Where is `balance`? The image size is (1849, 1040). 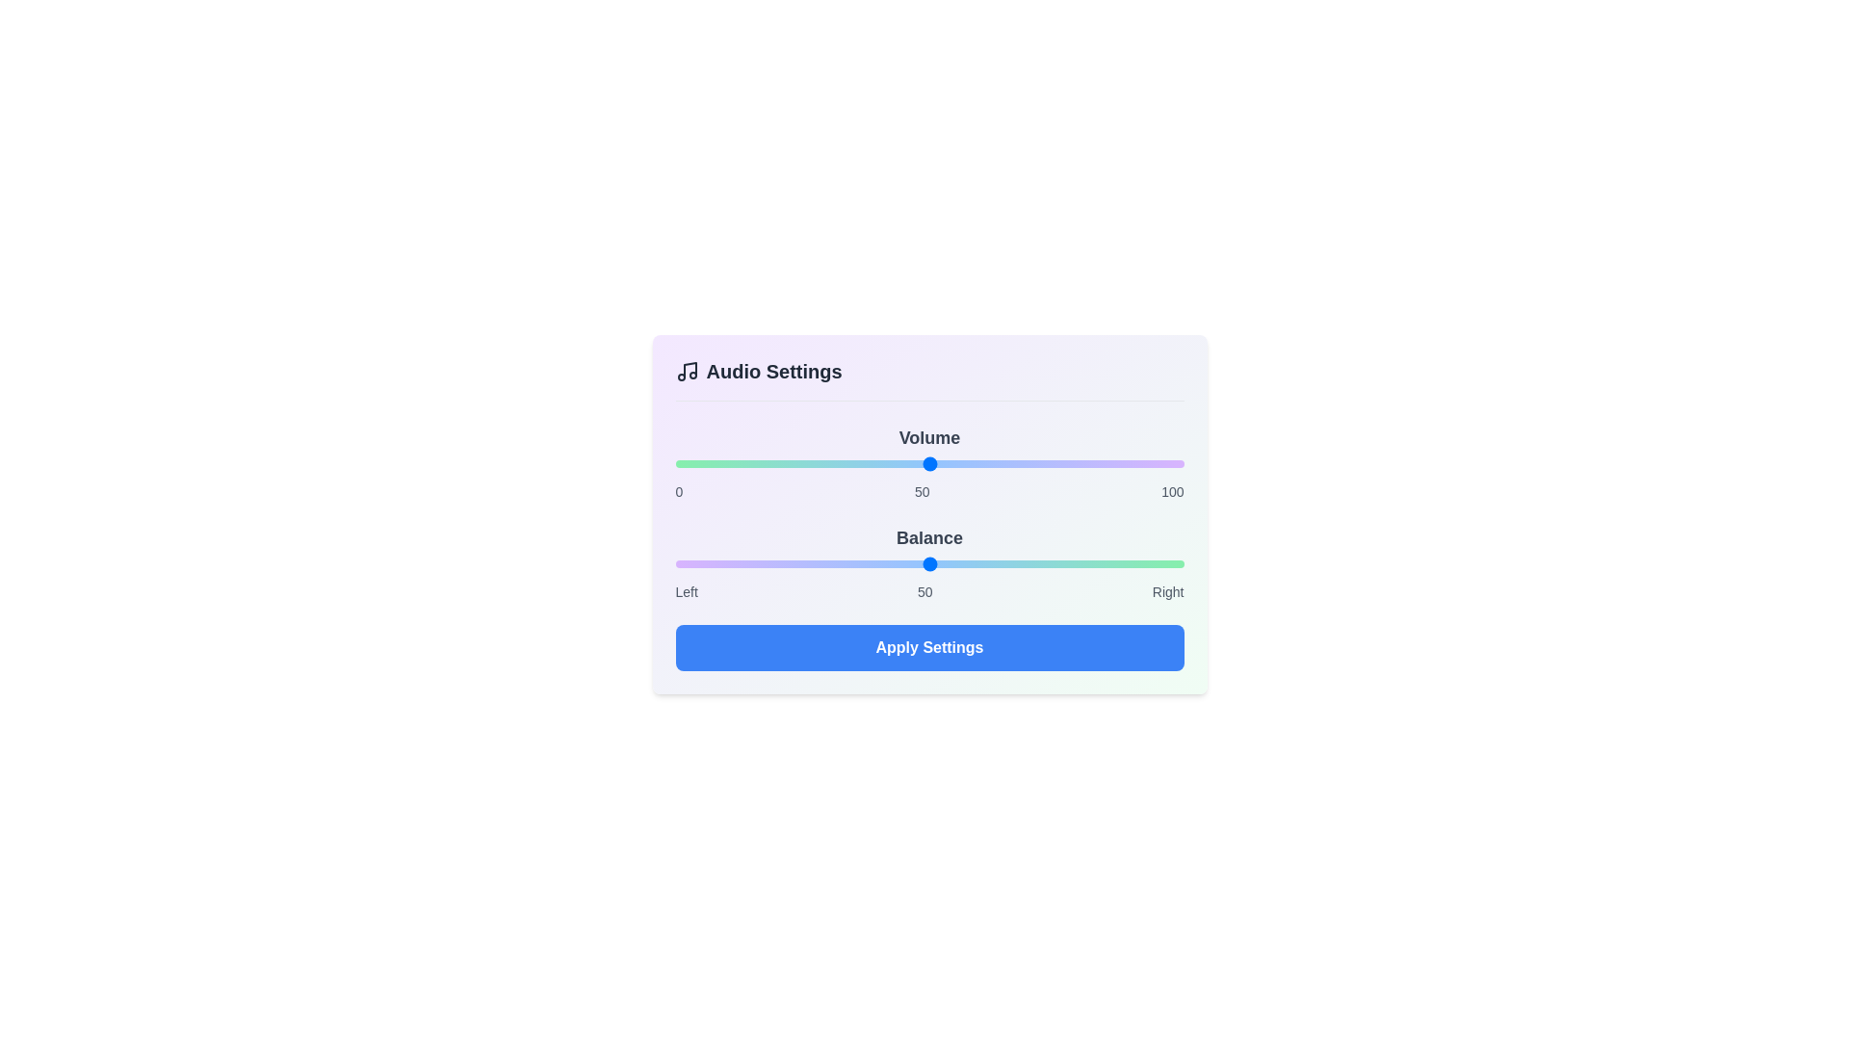 balance is located at coordinates (852, 563).